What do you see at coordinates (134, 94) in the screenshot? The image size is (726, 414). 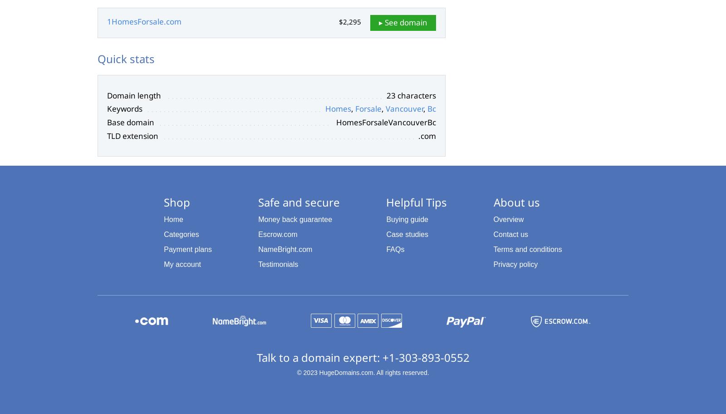 I see `'Domain length'` at bounding box center [134, 94].